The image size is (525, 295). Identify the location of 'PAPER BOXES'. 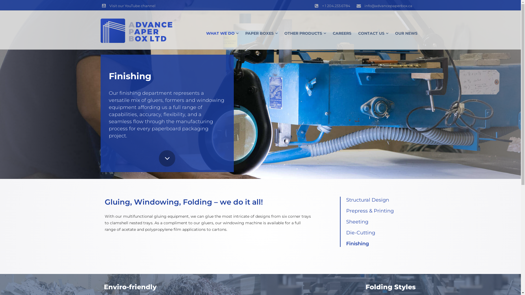
(261, 33).